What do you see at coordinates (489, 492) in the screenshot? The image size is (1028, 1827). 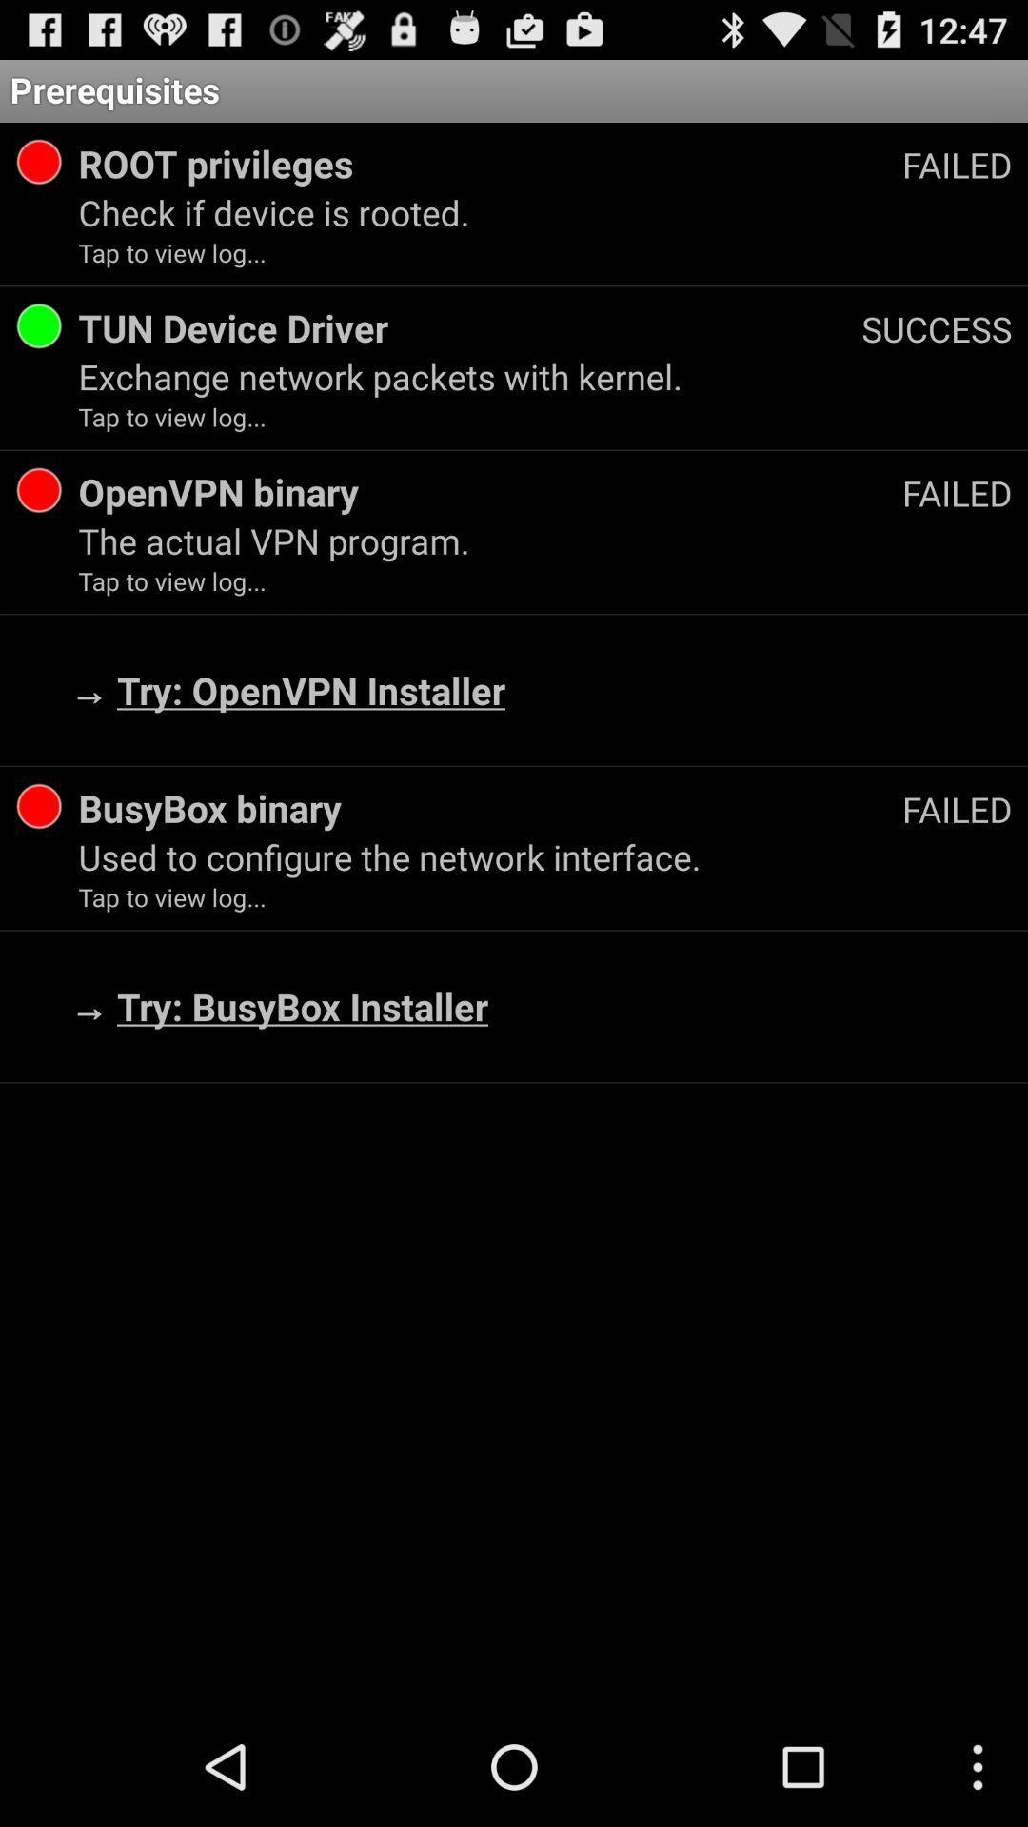 I see `icon below tap to view` at bounding box center [489, 492].